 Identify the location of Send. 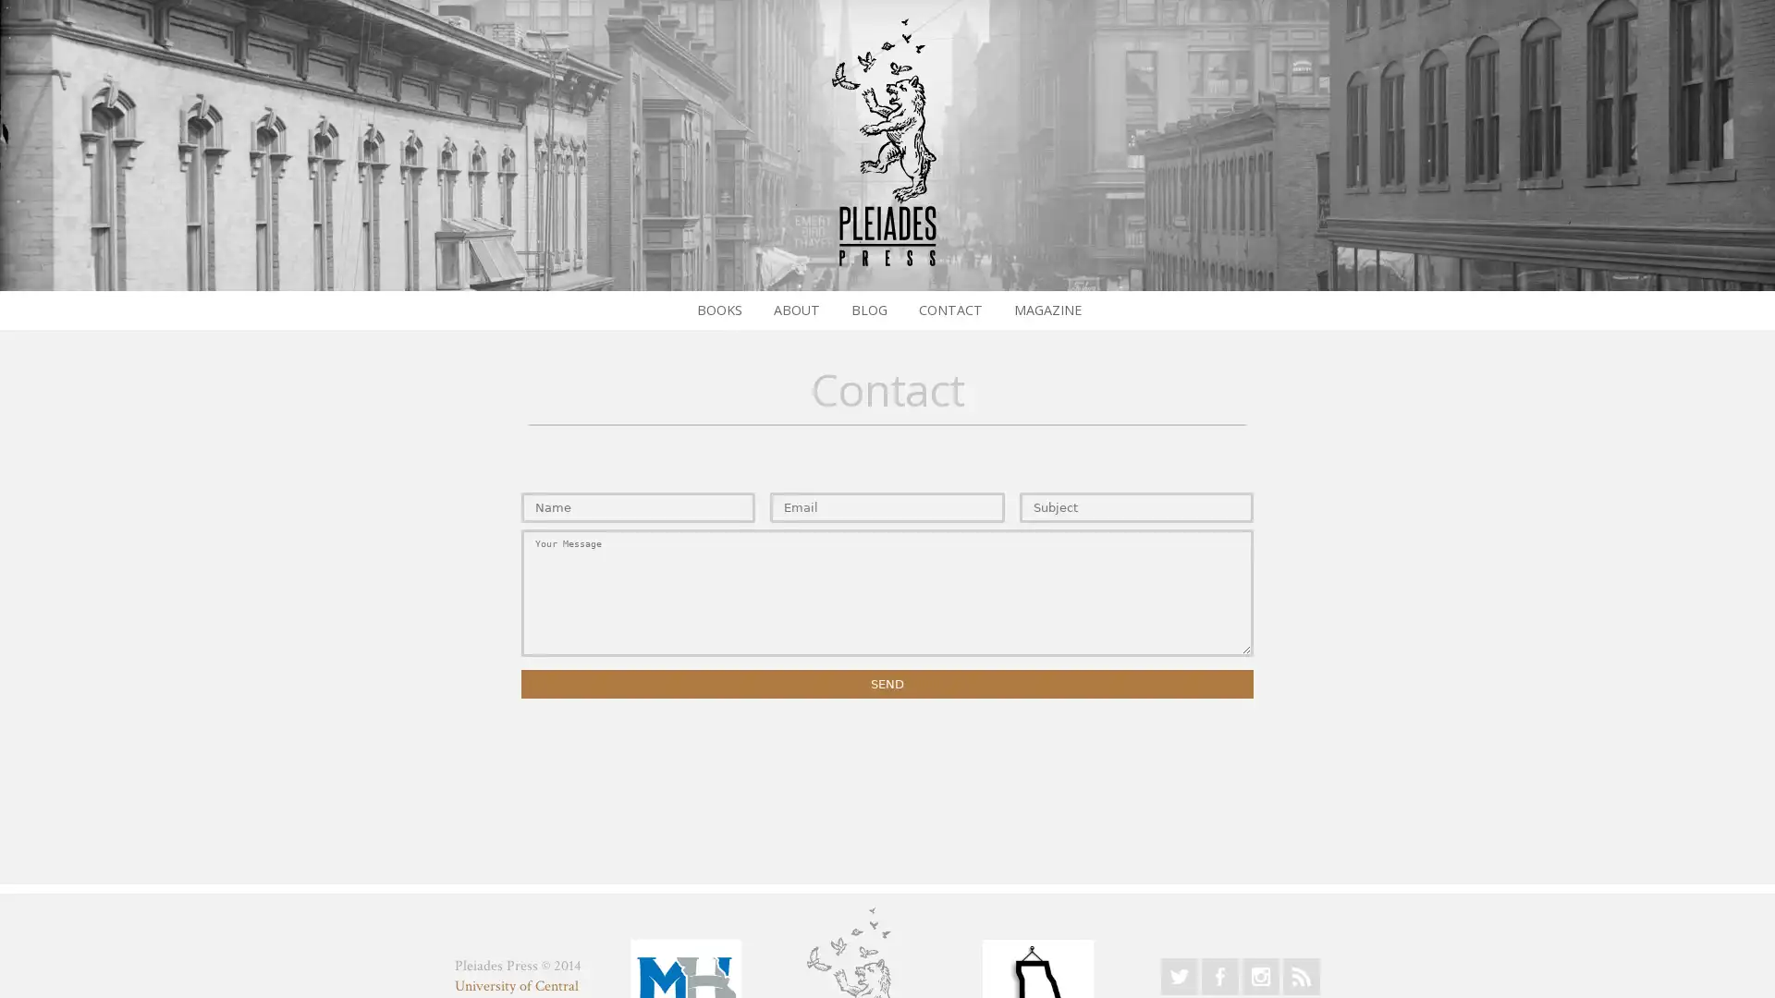
(887, 684).